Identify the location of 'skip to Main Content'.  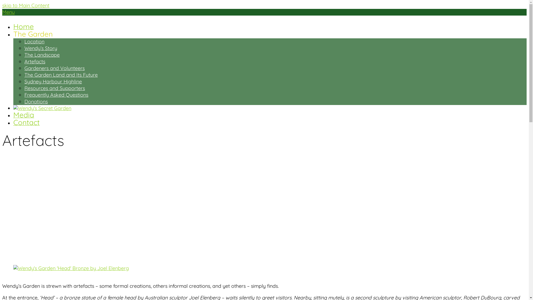
(2, 5).